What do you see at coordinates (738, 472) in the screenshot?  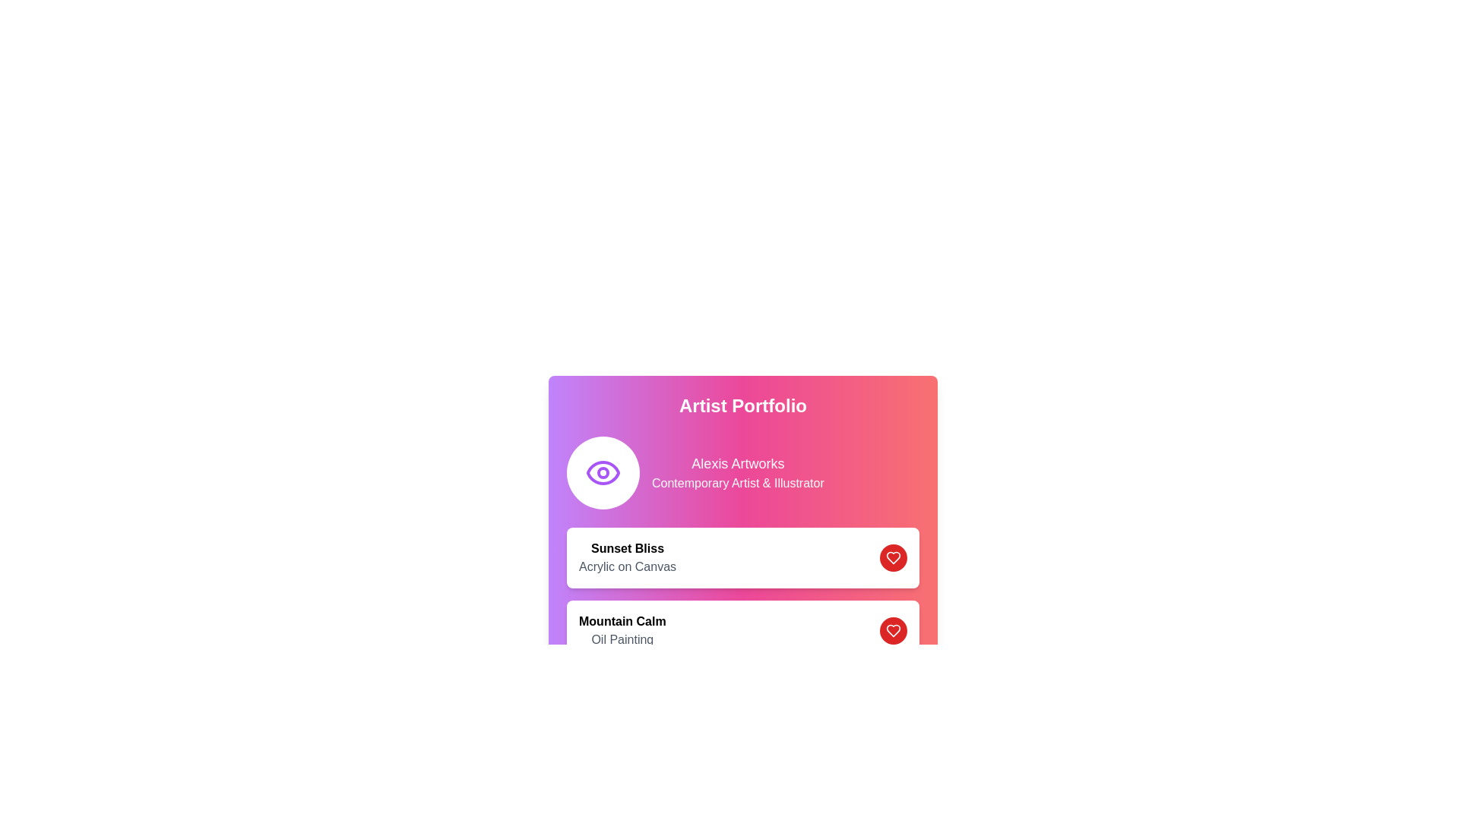 I see `text from the text block labeled 'Alexis Artworks' which is displayed in white on a gradient pink-to-purple background, located in the upper section of a card-like layout` at bounding box center [738, 472].